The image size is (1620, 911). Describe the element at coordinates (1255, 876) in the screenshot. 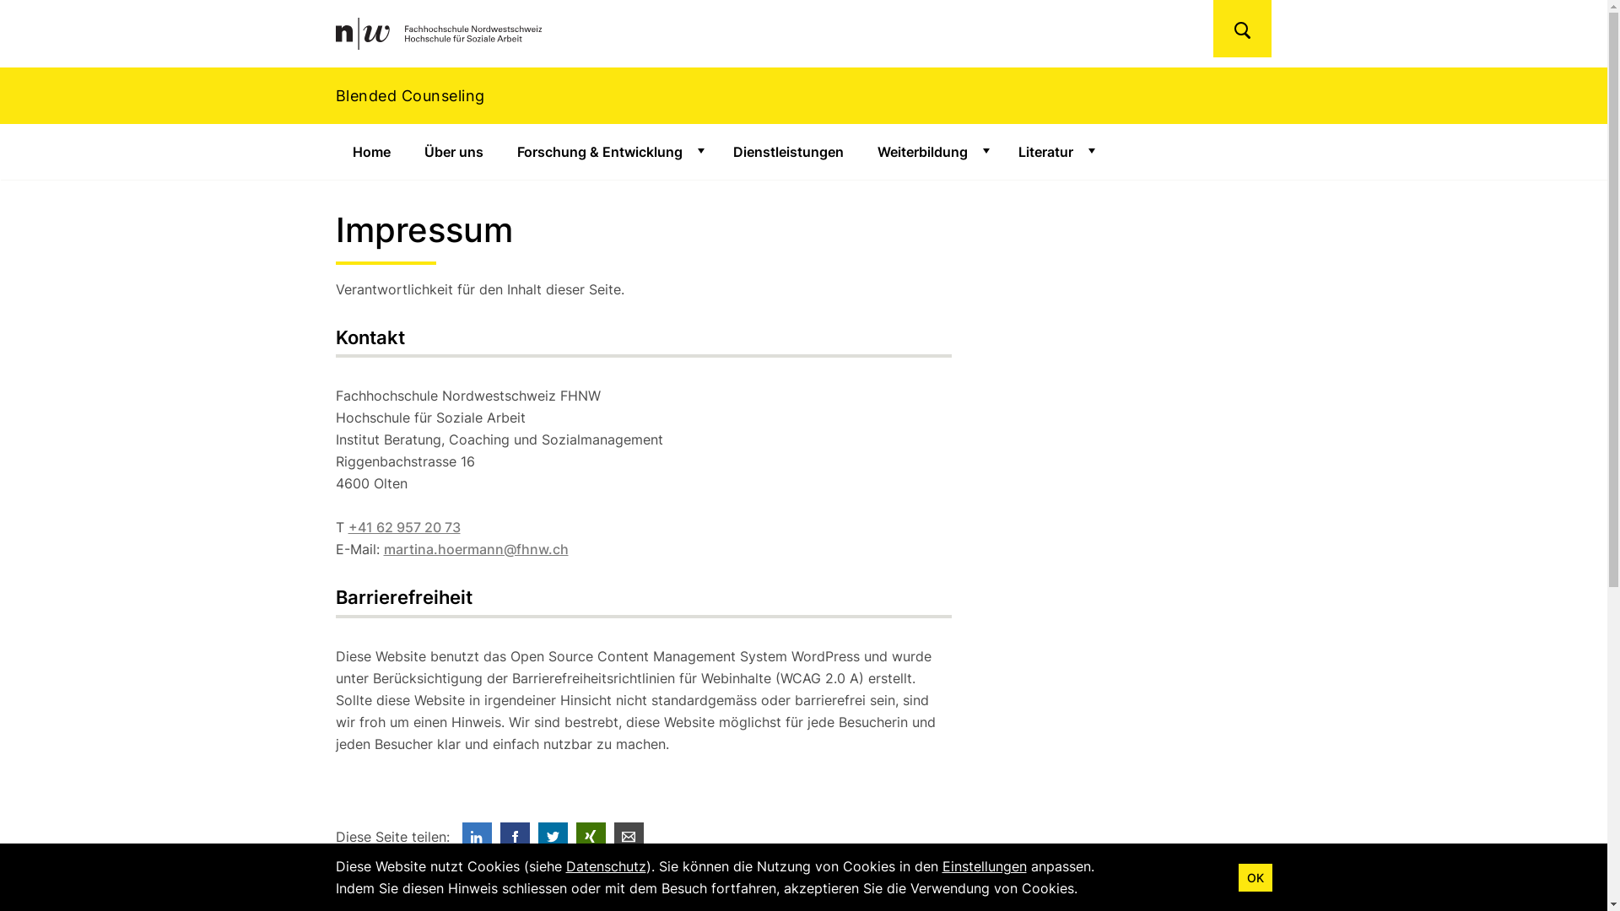

I see `'OK'` at that location.